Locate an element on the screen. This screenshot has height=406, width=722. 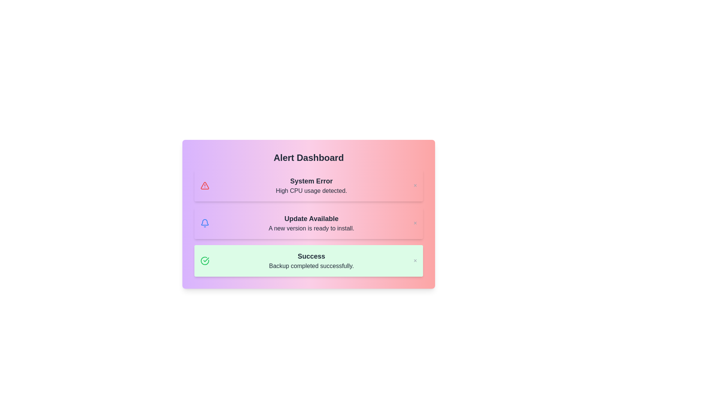
the close button to dismiss the notification with title 'Success' is located at coordinates (415, 261).